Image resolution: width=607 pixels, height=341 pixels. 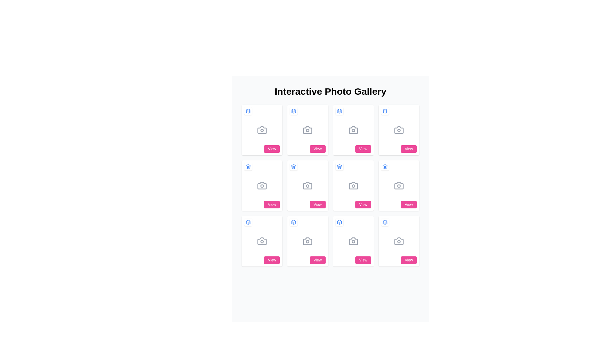 I want to click on the button located in the bottom-right corner of the last card in the fourth row, so click(x=363, y=260).